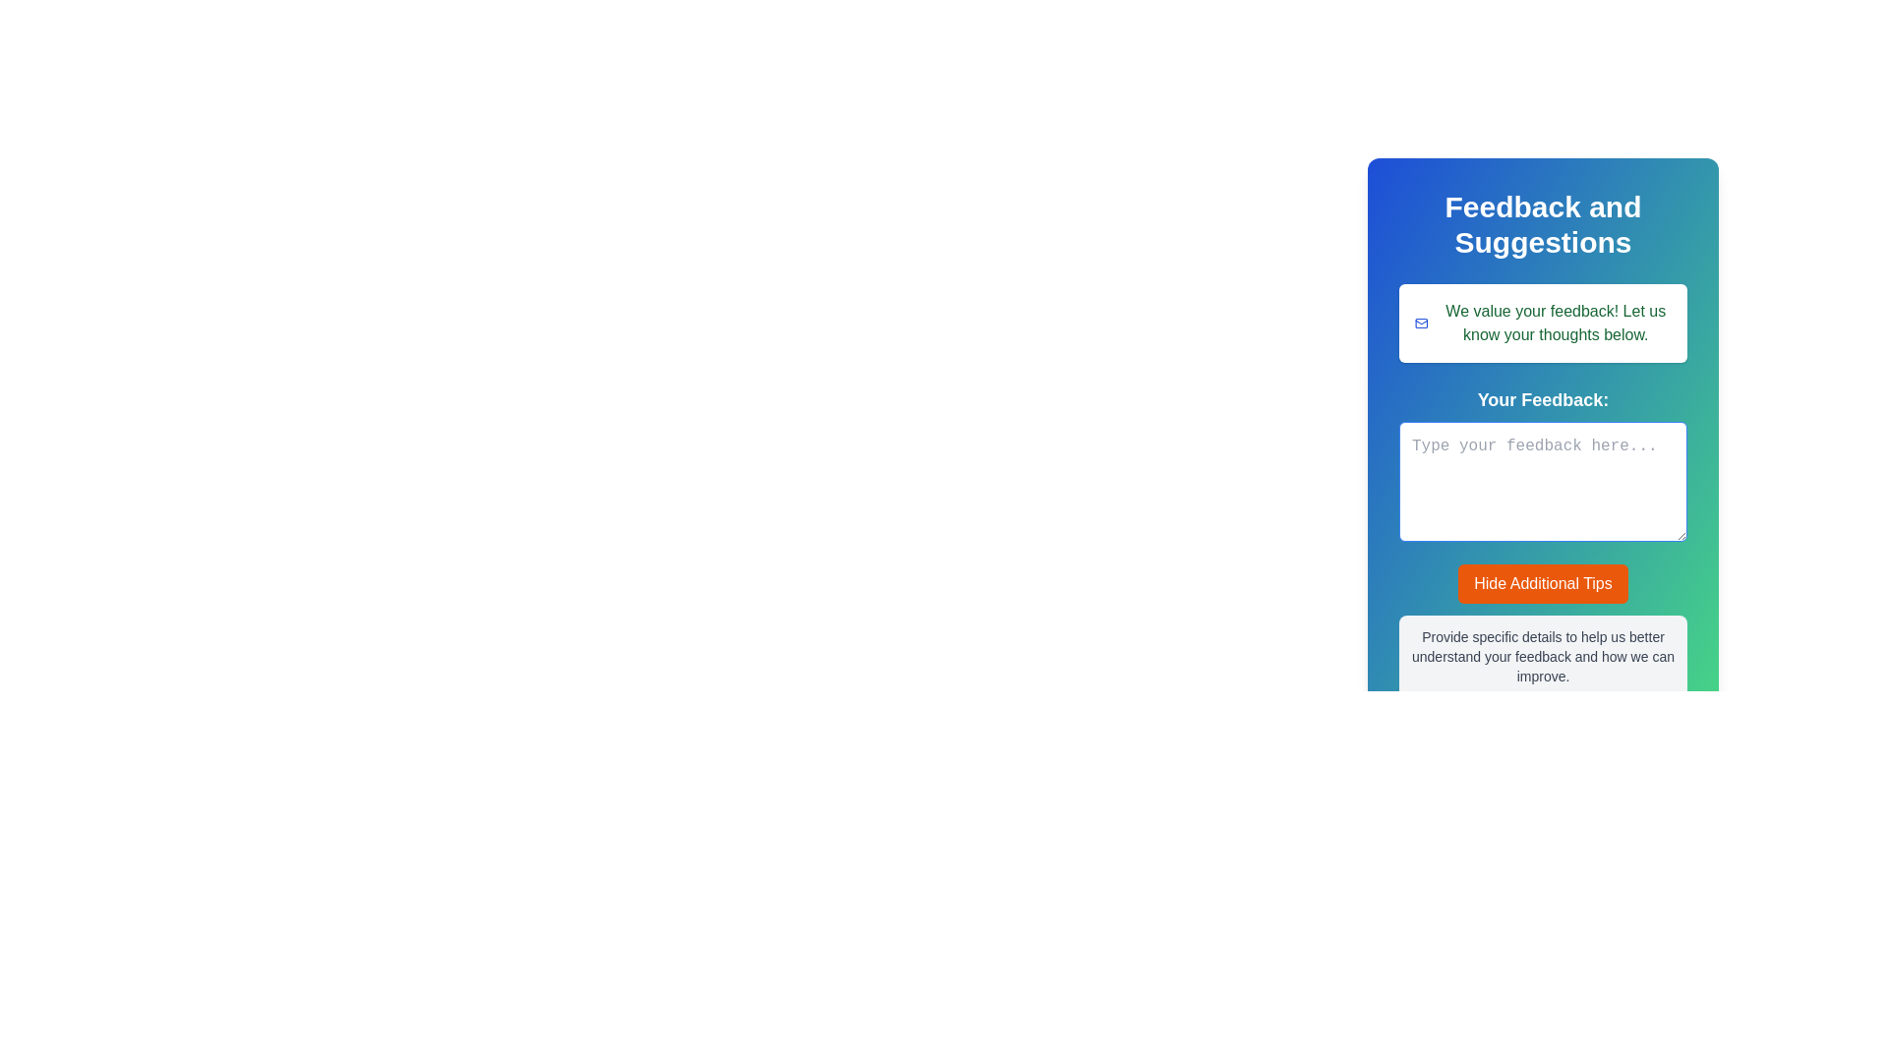  Describe the element at coordinates (1542, 630) in the screenshot. I see `static informational text block located below the 'Hide Additional Tips' button in the 'Your Feedback:' section, which provides guidance on feedback submission` at that location.